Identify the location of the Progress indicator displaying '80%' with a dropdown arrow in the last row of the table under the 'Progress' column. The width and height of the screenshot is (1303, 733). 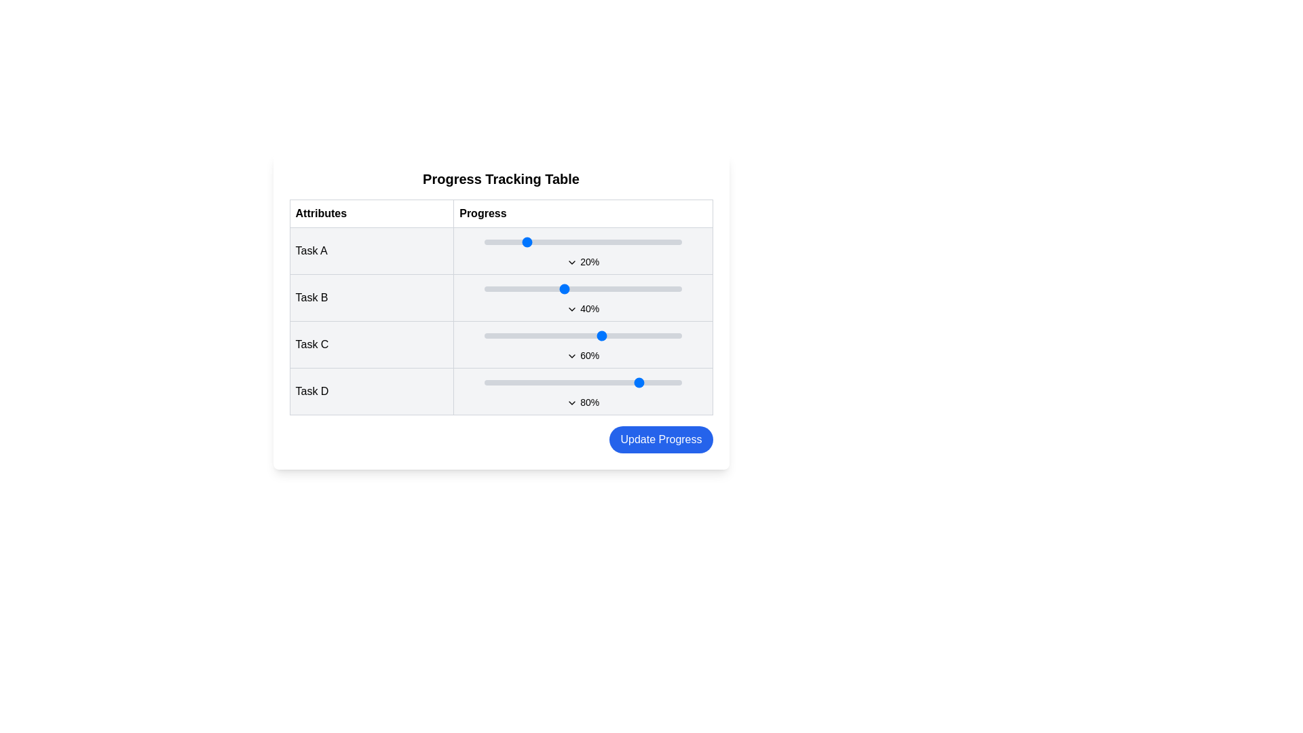
(583, 399).